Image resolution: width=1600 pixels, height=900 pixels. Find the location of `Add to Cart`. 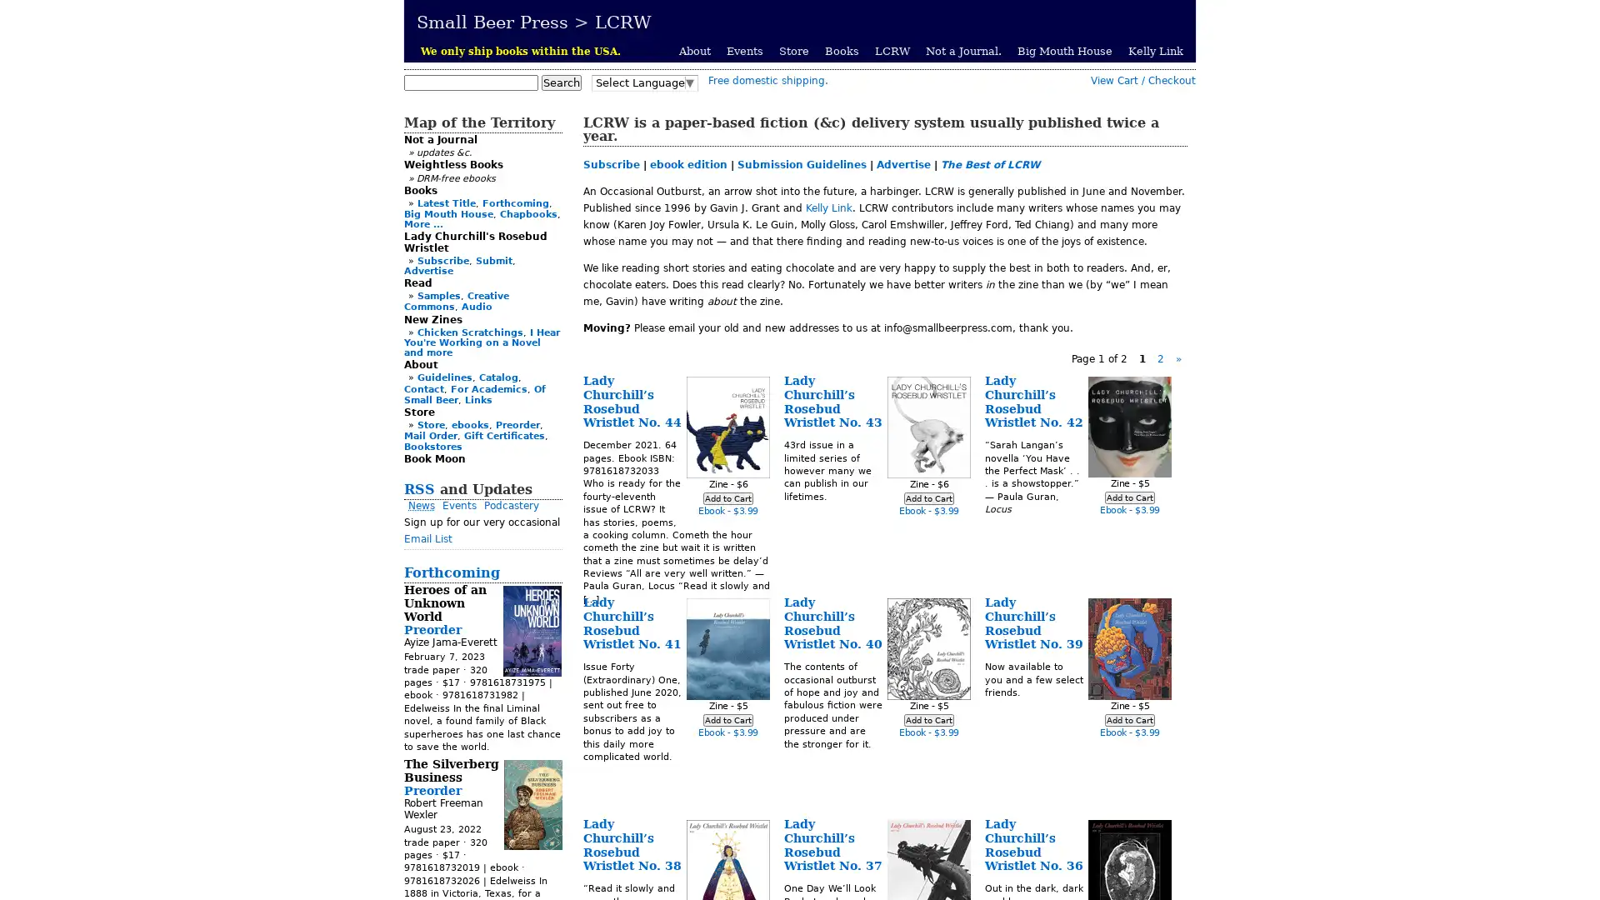

Add to Cart is located at coordinates (1130, 497).